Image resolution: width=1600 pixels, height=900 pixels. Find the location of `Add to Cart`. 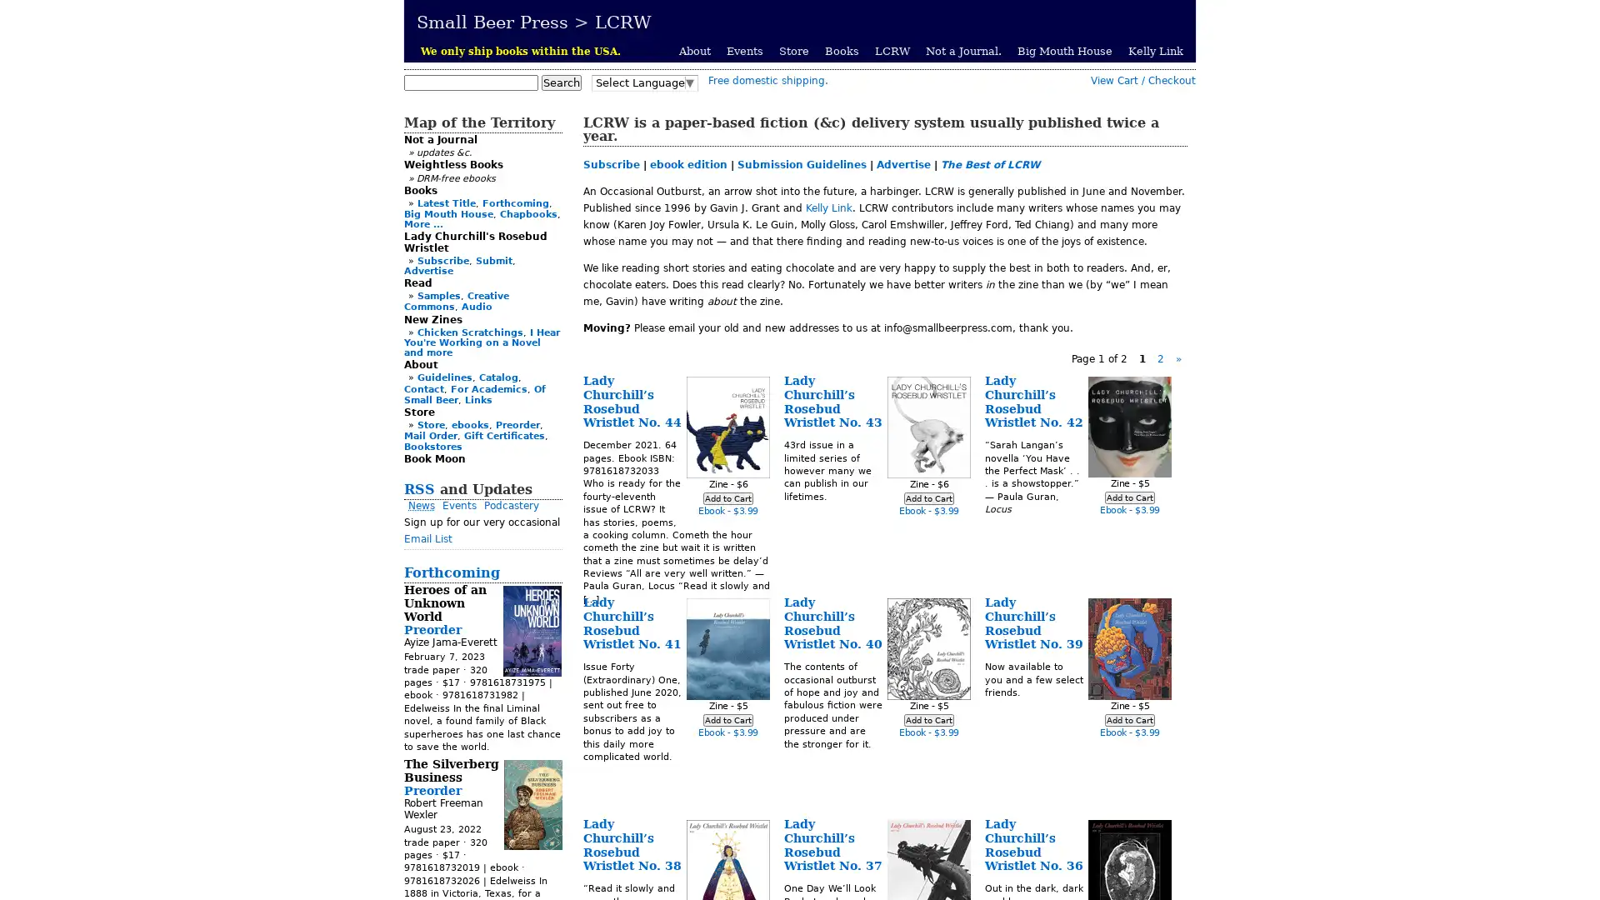

Add to Cart is located at coordinates (1130, 497).